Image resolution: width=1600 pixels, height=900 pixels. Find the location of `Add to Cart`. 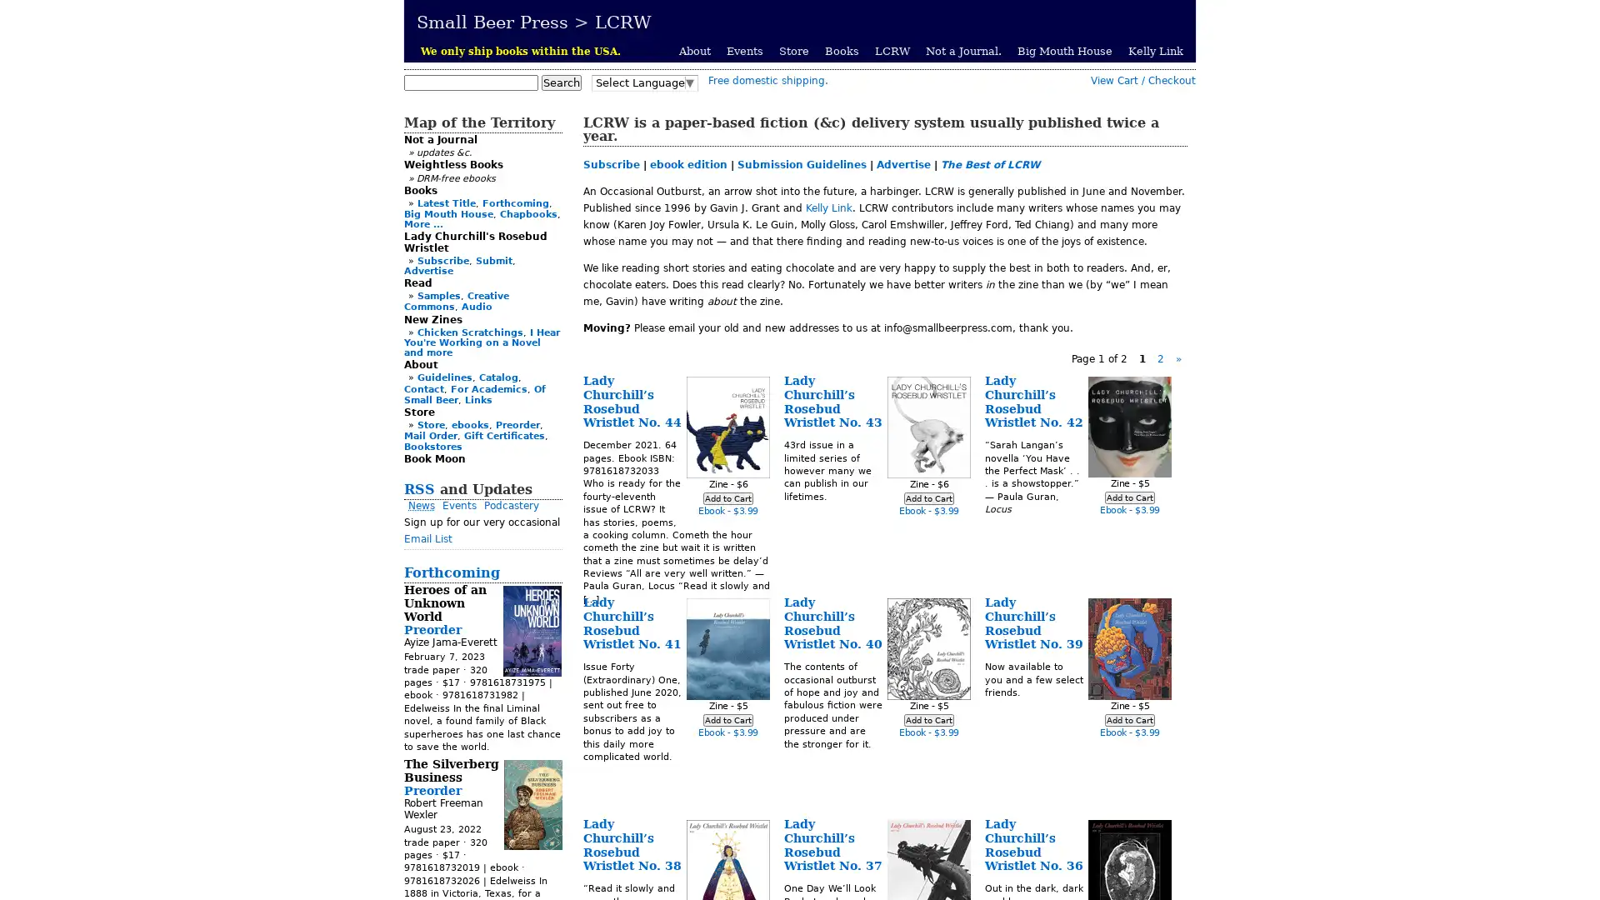

Add to Cart is located at coordinates (1130, 497).